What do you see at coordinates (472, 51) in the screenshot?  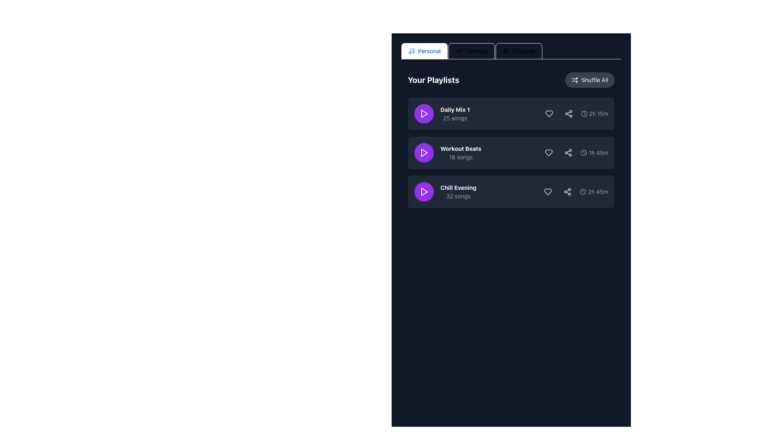 I see `the second tab in the horizontal navigation bar that displays trending items, located between the 'Personal' and 'Discover' tabs` at bounding box center [472, 51].